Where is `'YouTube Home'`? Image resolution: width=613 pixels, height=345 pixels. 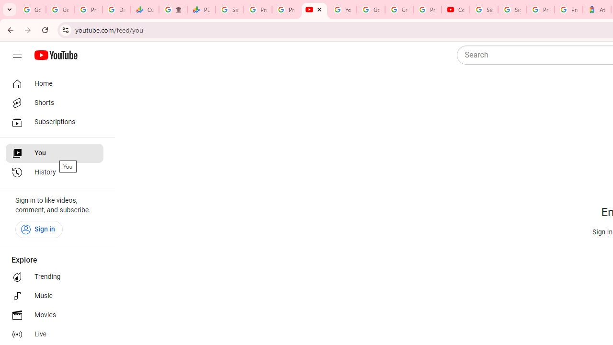
'YouTube Home' is located at coordinates (55, 55).